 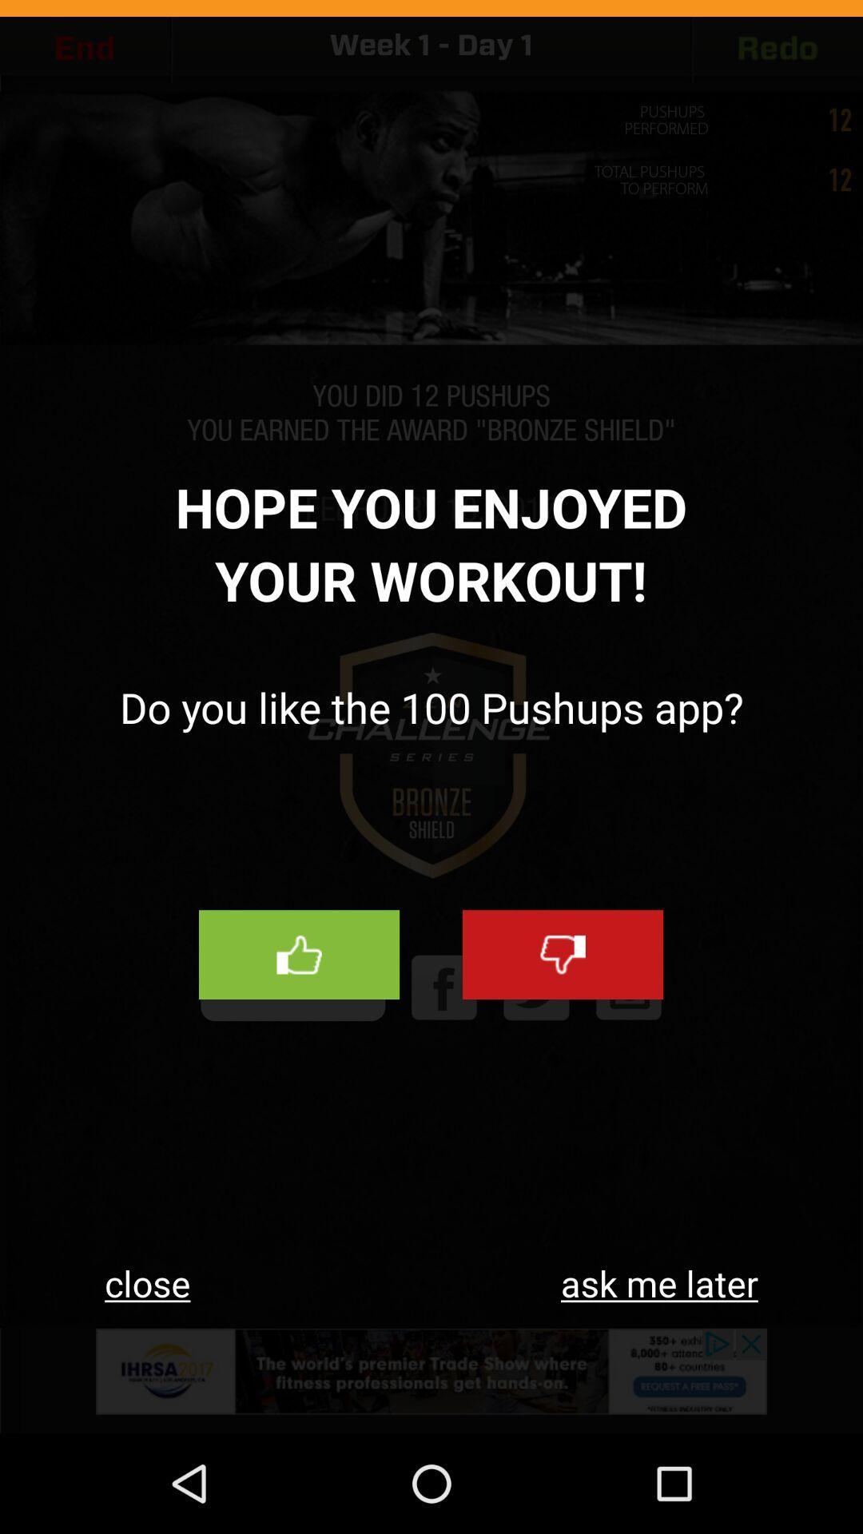 I want to click on dislike button, so click(x=562, y=955).